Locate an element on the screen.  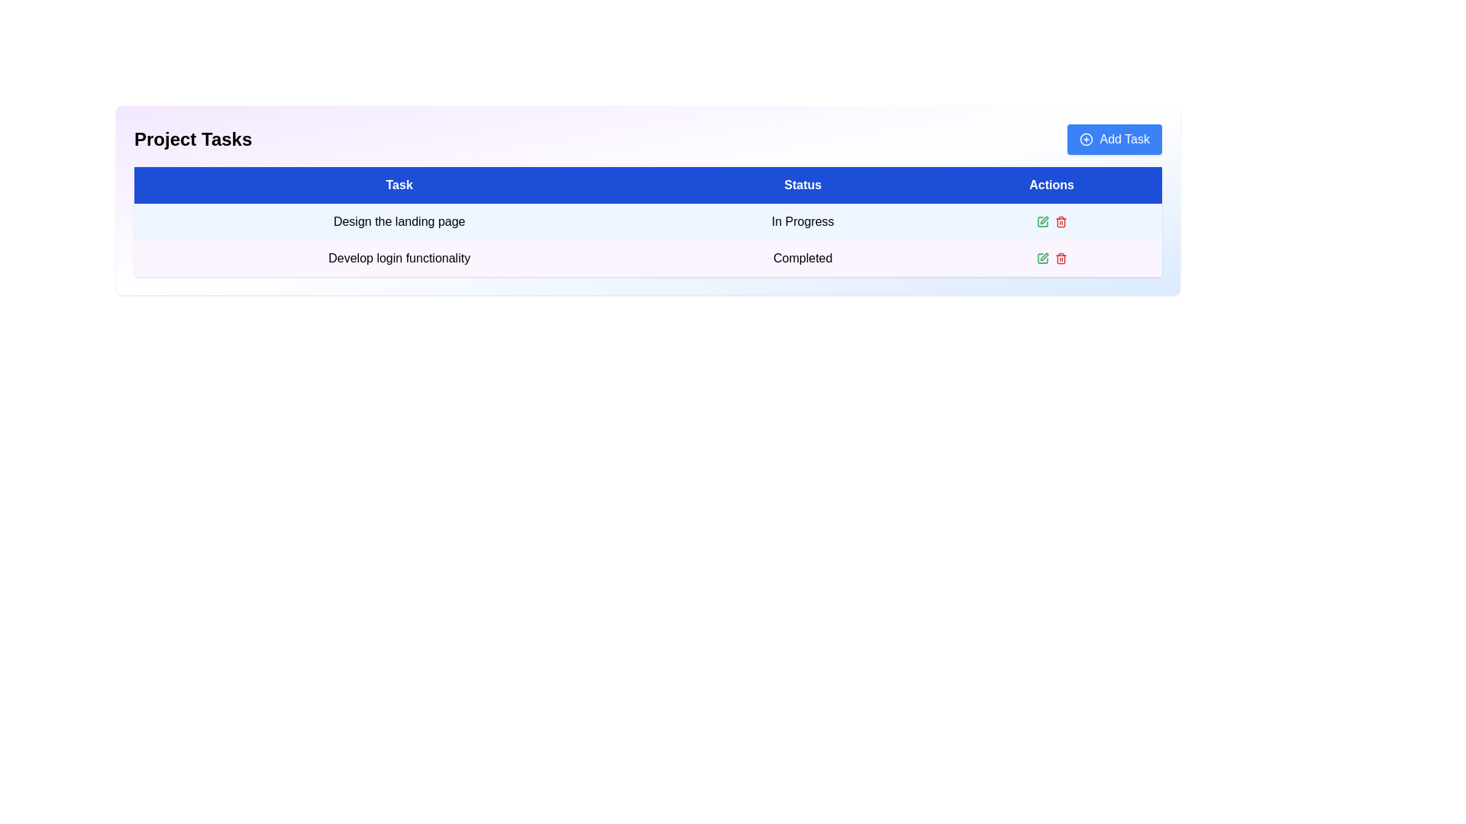
the control group containing the green pencil icon for editing and the red bin icon for deleting, located in the 'Actions' column of the first row corresponding to the task 'Design the landing page' is located at coordinates (1051, 221).